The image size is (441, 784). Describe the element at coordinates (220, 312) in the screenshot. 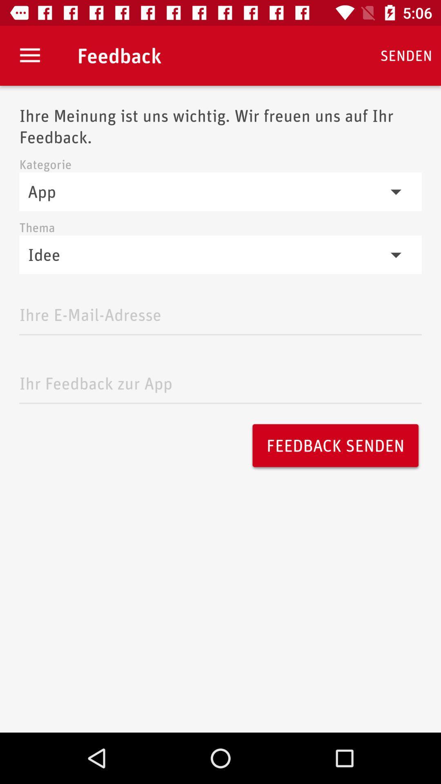

I see `email address` at that location.